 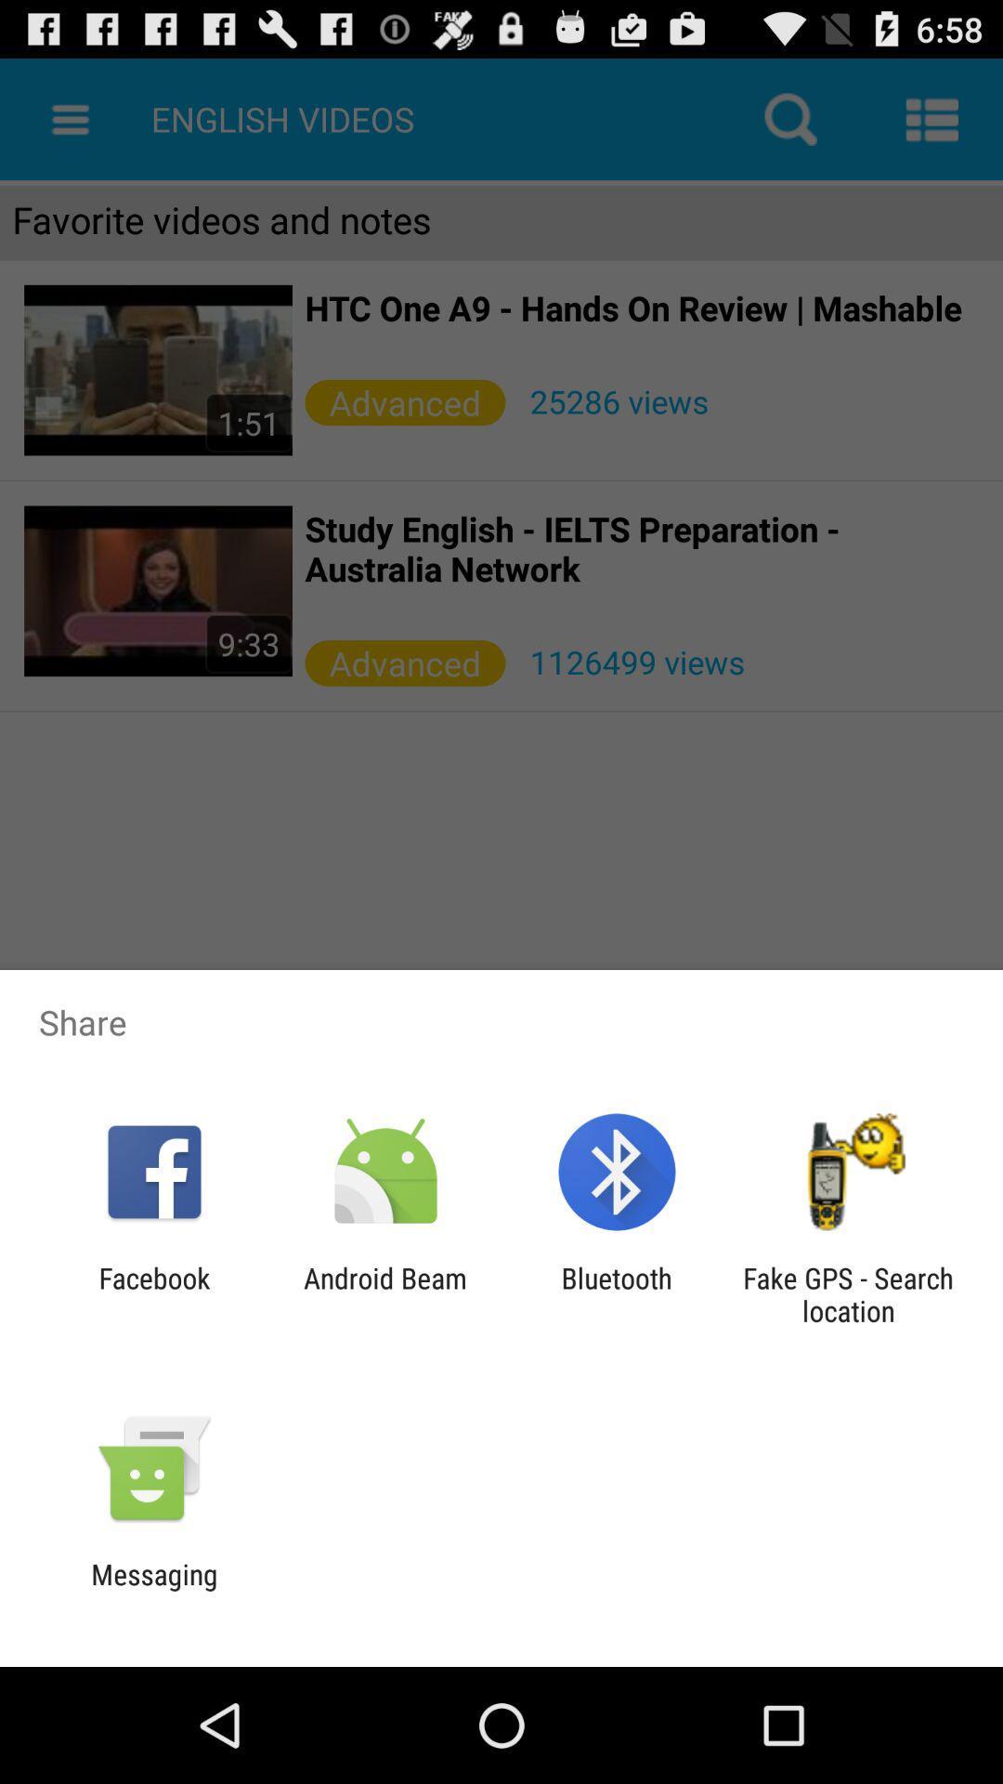 What do you see at coordinates (617, 1293) in the screenshot?
I see `icon to the left of fake gps search` at bounding box center [617, 1293].